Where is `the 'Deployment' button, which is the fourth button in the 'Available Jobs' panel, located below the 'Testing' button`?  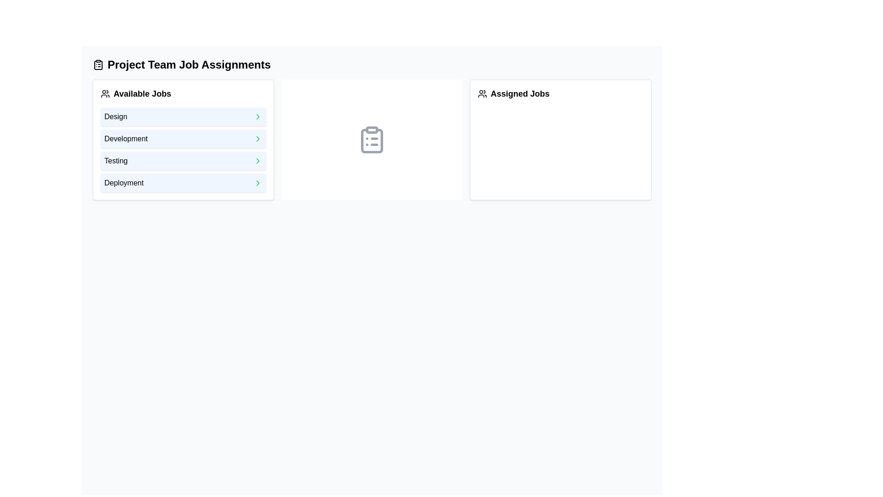
the 'Deployment' button, which is the fourth button in the 'Available Jobs' panel, located below the 'Testing' button is located at coordinates (183, 183).